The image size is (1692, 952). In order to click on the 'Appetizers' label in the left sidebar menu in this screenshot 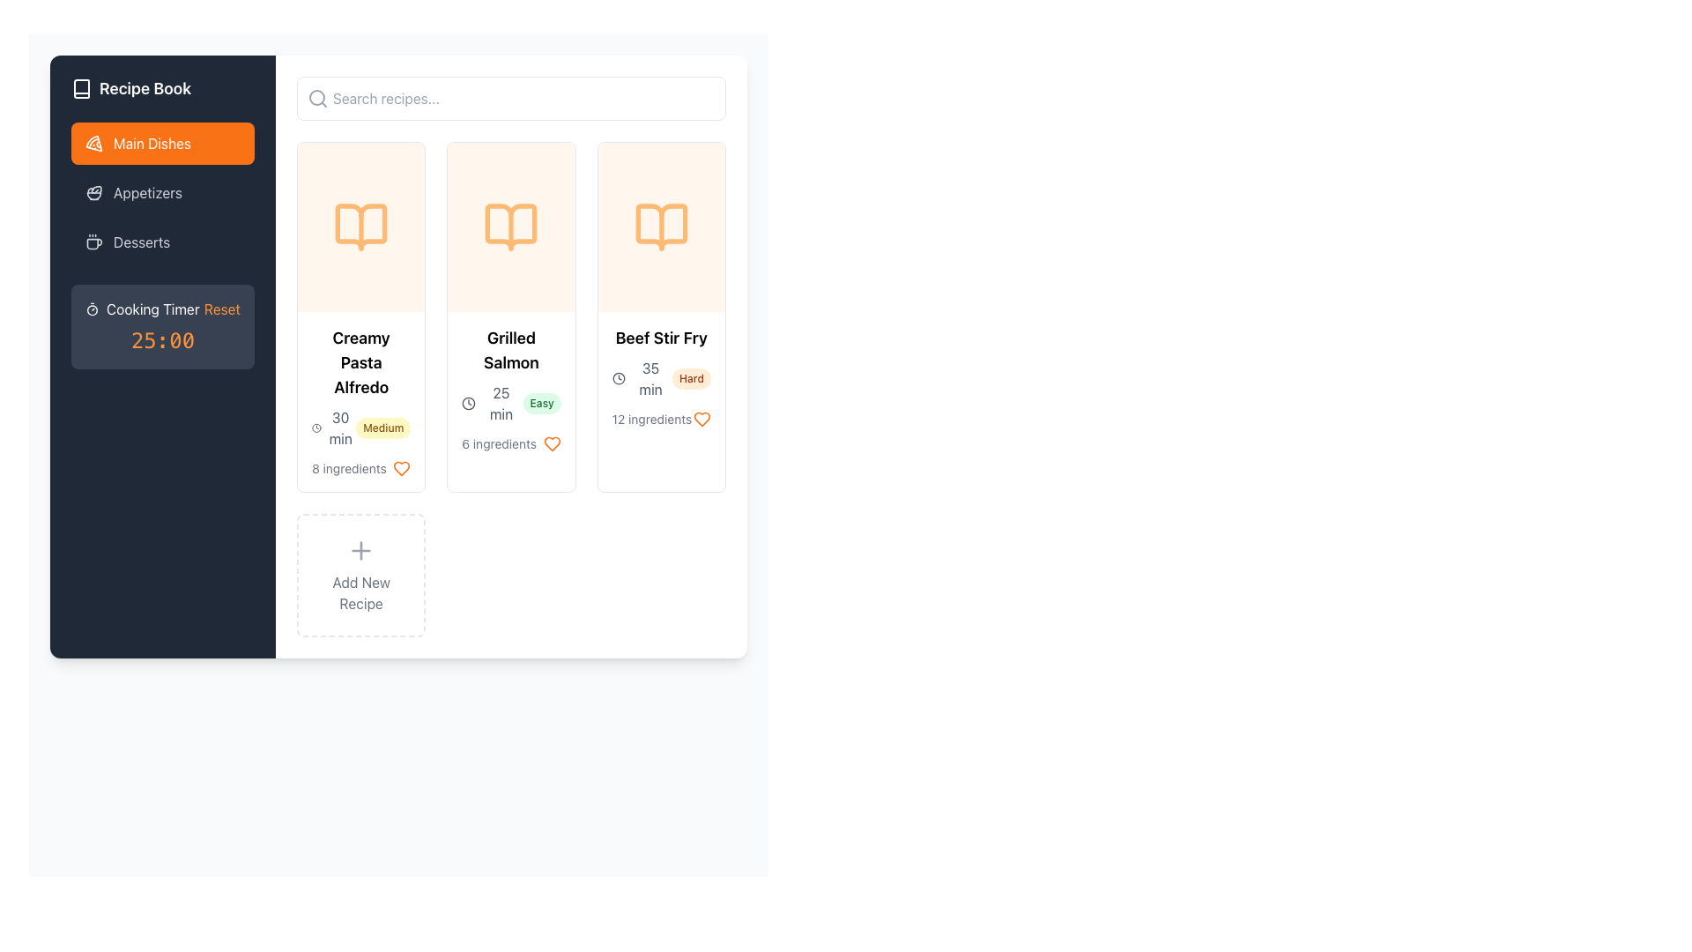, I will do `click(148, 193)`.